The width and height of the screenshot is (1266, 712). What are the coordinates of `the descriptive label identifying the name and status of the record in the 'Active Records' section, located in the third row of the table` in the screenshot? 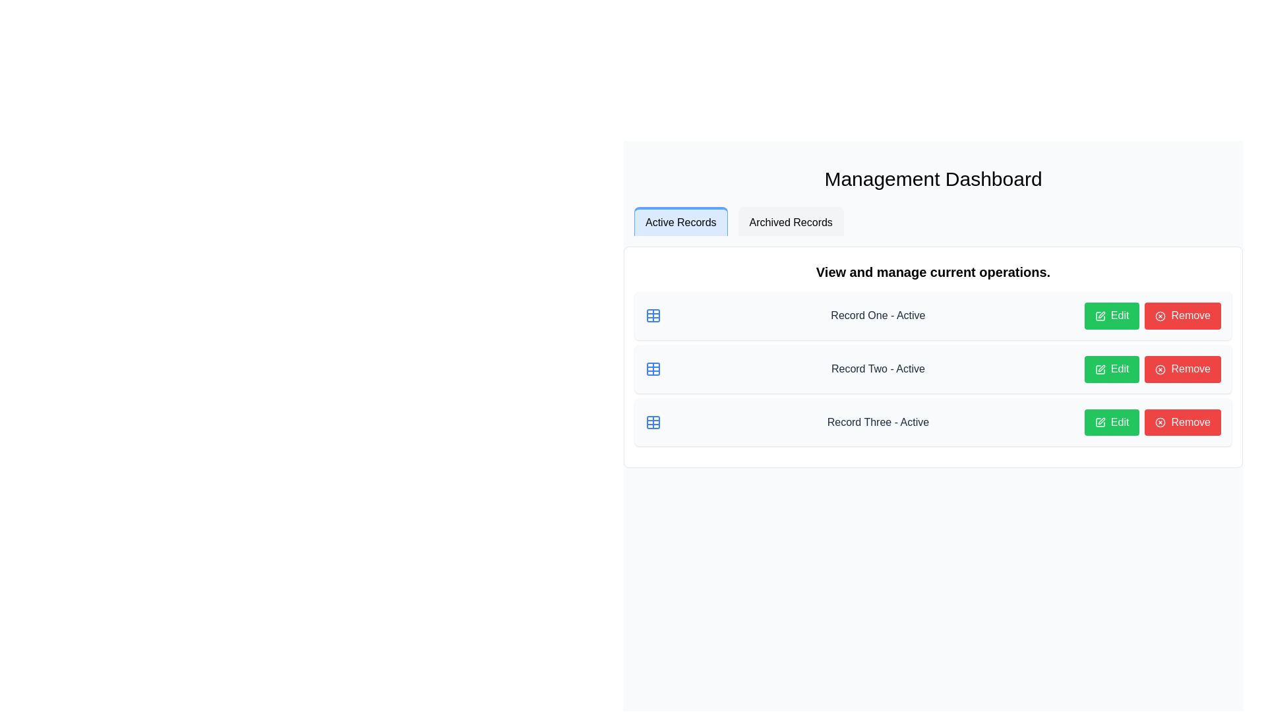 It's located at (878, 422).